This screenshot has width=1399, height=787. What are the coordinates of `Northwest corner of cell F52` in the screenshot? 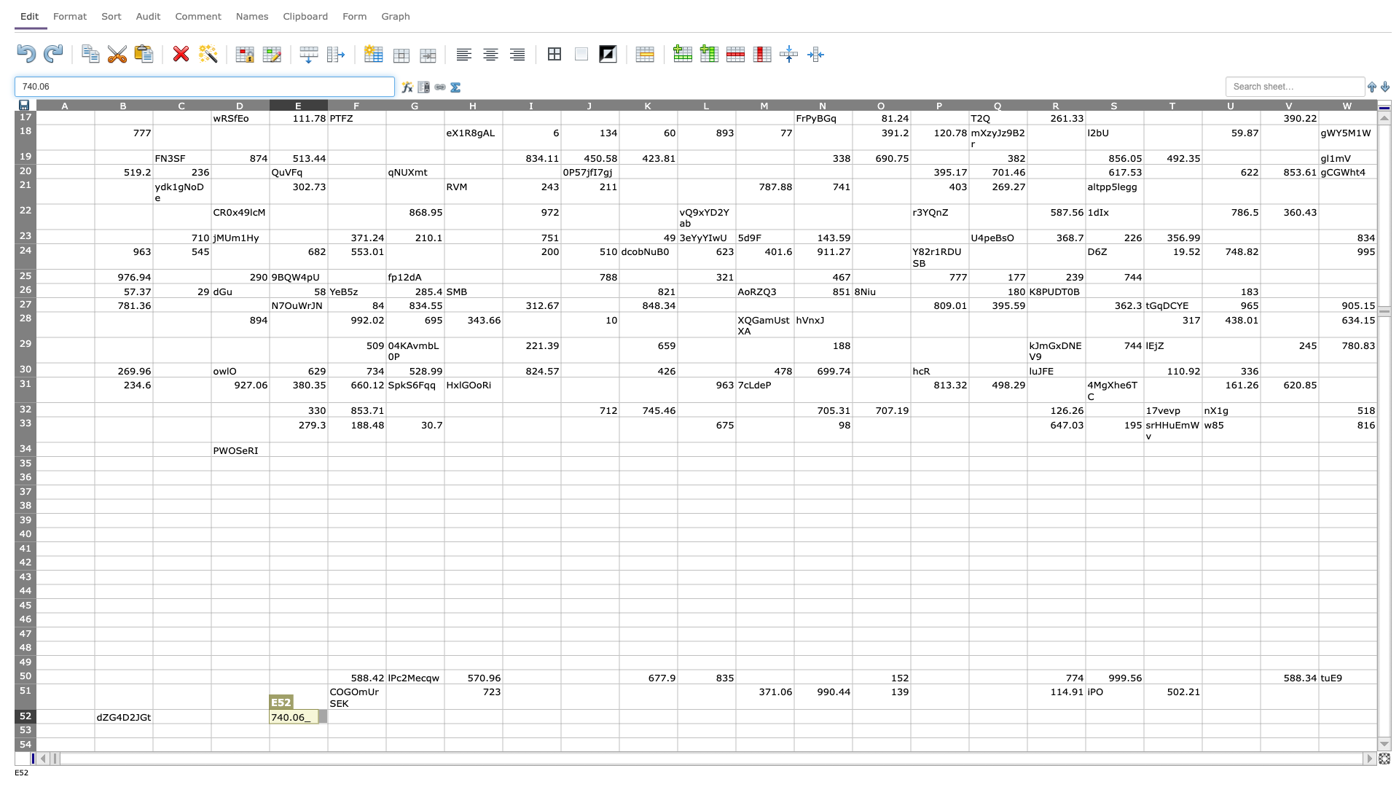 It's located at (327, 708).